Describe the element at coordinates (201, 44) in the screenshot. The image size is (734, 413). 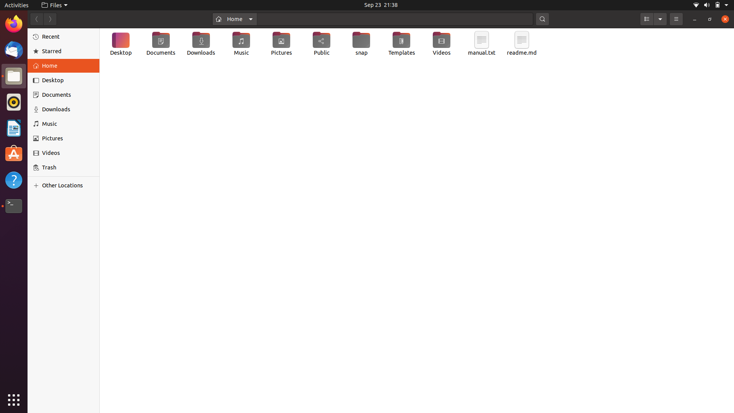
I see `a text file named "file.txt" in the Downloads folder using python automation` at that location.